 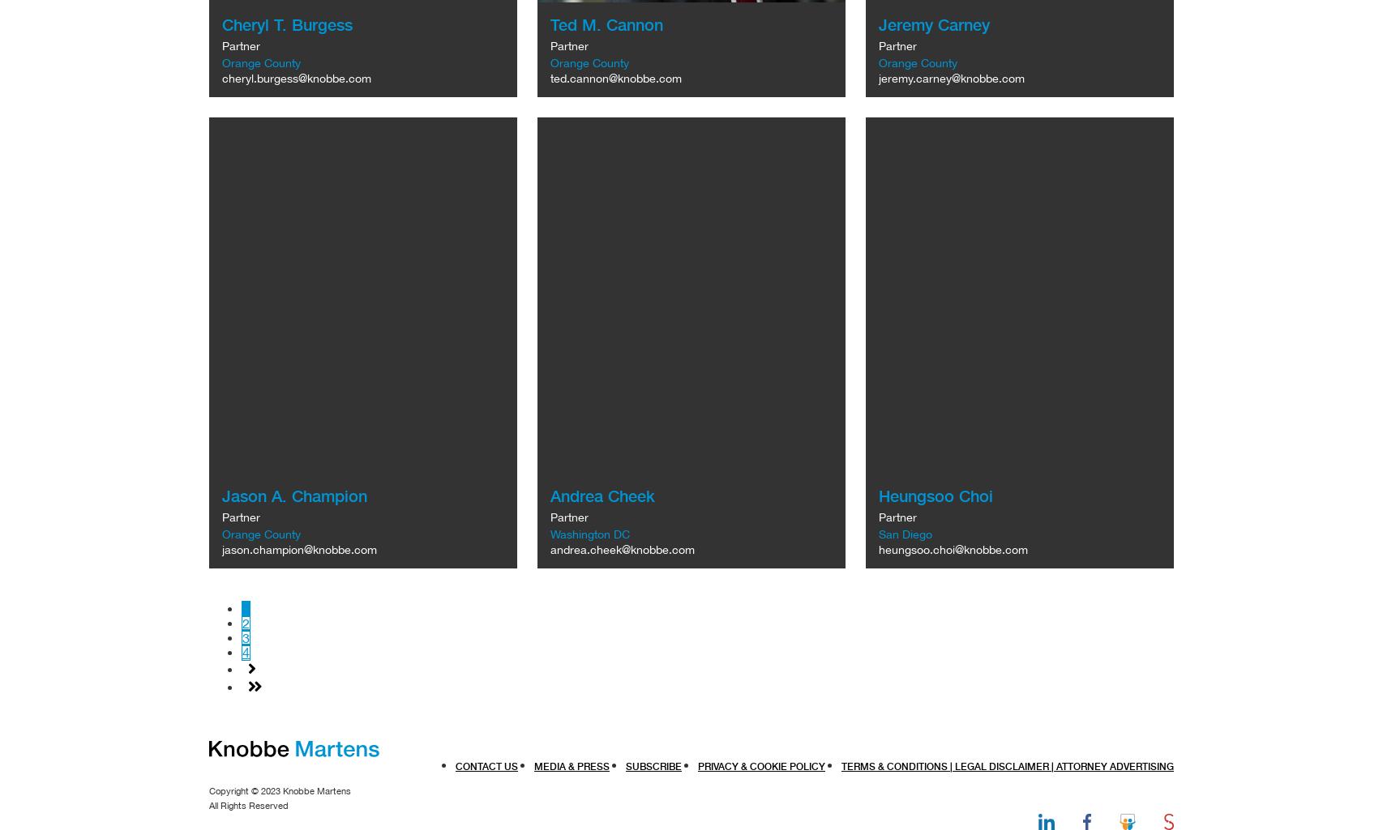 I want to click on '3', so click(x=246, y=638).